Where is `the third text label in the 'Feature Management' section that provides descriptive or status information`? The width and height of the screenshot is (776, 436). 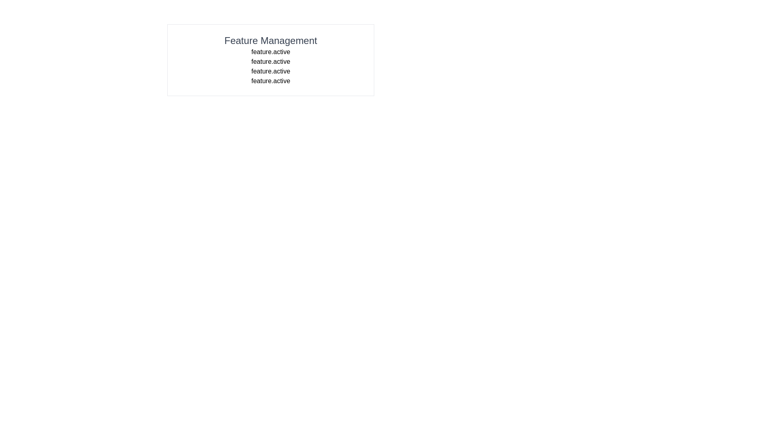 the third text label in the 'Feature Management' section that provides descriptive or status information is located at coordinates (271, 71).